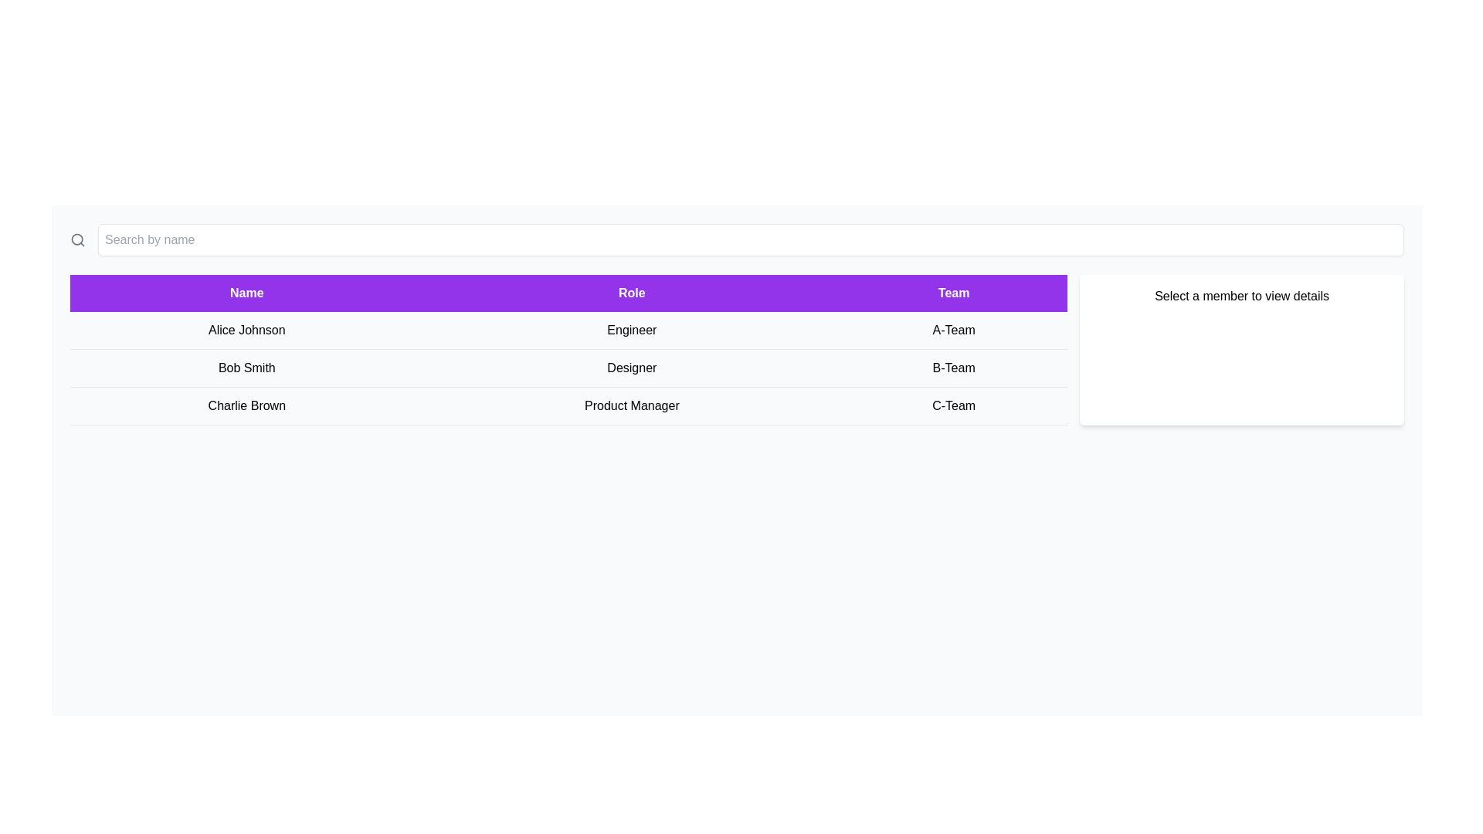 The image size is (1483, 834). What do you see at coordinates (568, 405) in the screenshot?
I see `the third table row representing Charlie Brown to activate its detailed view option` at bounding box center [568, 405].